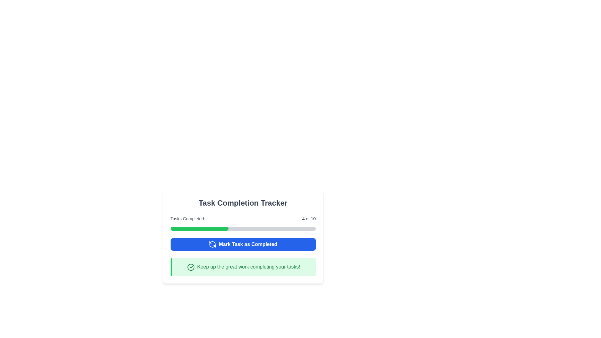 The width and height of the screenshot is (601, 338). Describe the element at coordinates (212, 244) in the screenshot. I see `the refresh icon located to the left of the text 'Mark Task as Completed' inside the blue button to interact with the button` at that location.